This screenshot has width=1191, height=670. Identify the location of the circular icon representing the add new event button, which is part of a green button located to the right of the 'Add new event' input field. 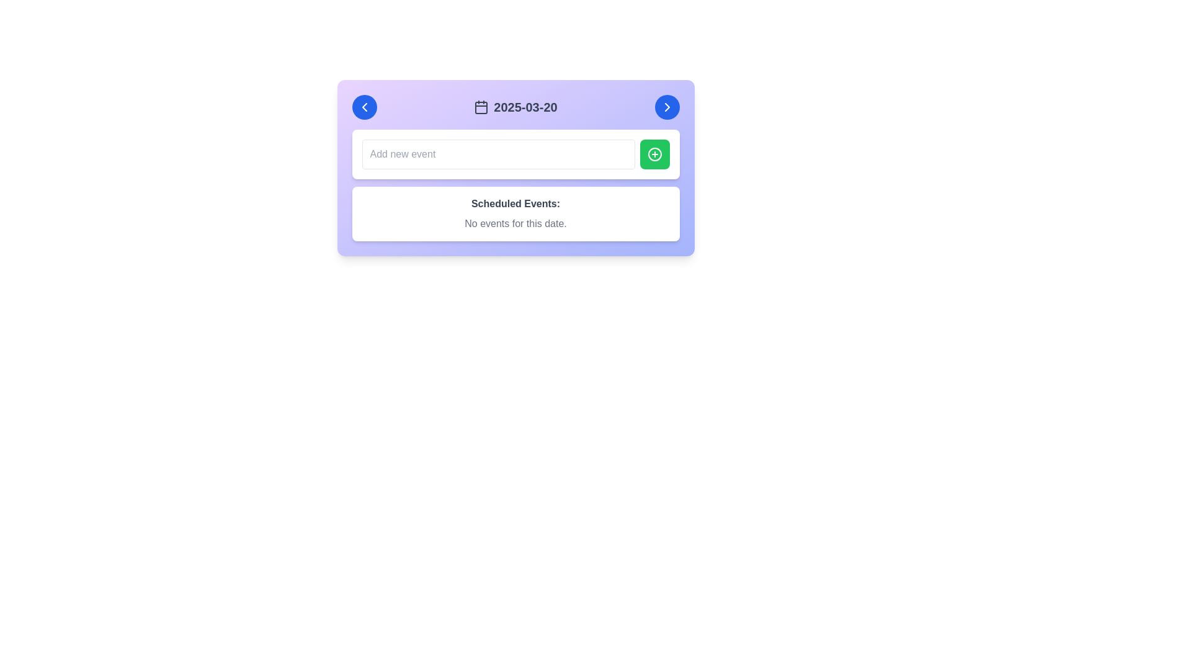
(654, 154).